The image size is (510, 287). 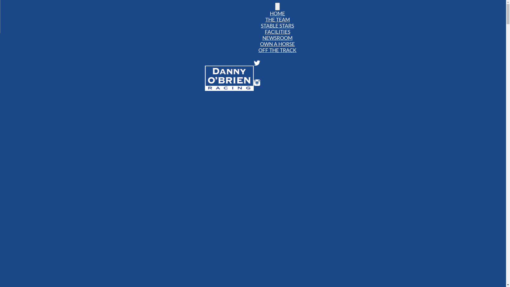 I want to click on 'OFF THE TRACK', so click(x=277, y=50).